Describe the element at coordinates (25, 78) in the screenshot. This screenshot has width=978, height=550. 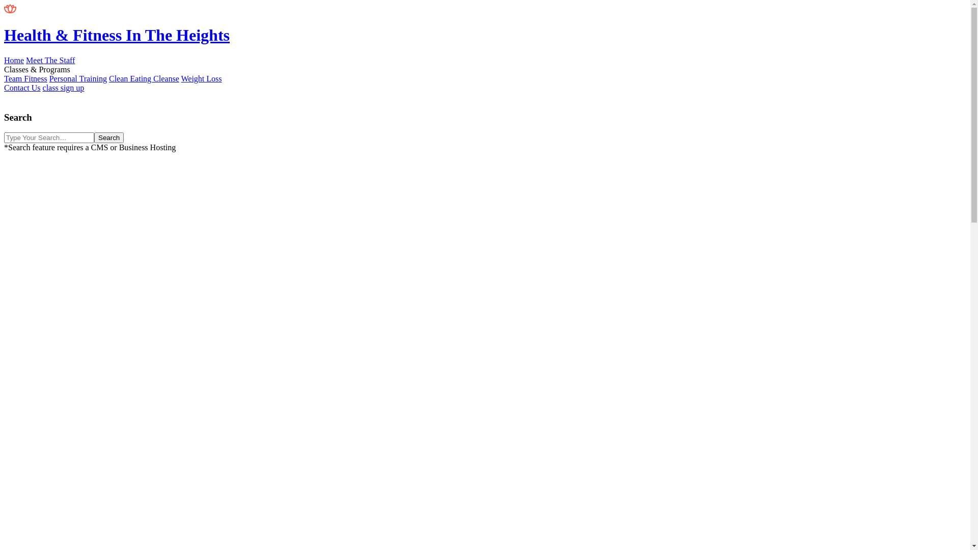
I see `'Team Fitness'` at that location.